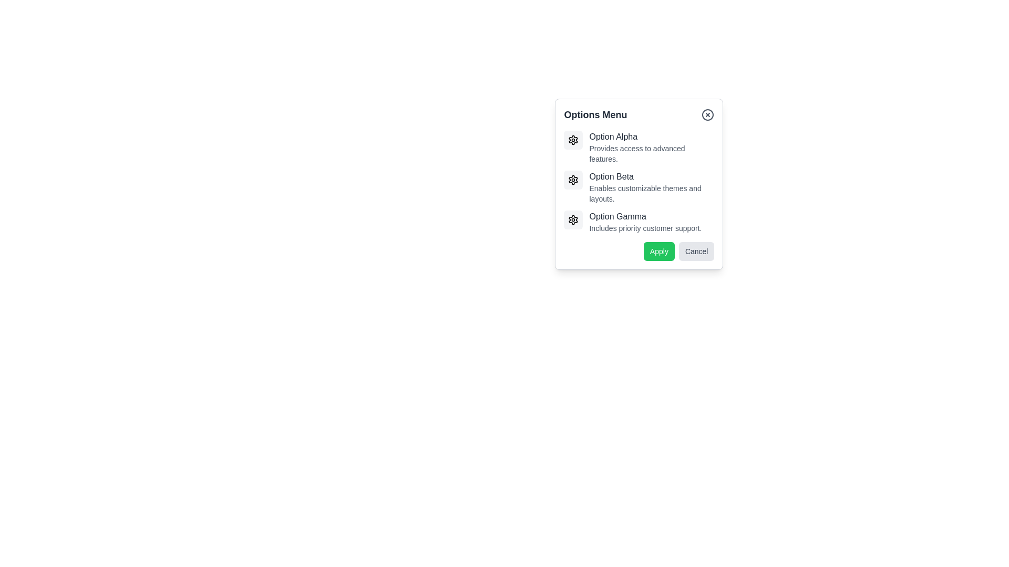 This screenshot has height=567, width=1009. Describe the element at coordinates (573, 139) in the screenshot. I see `the settings icon for 'Option Alpha' located below the header in the menu dialog` at that location.